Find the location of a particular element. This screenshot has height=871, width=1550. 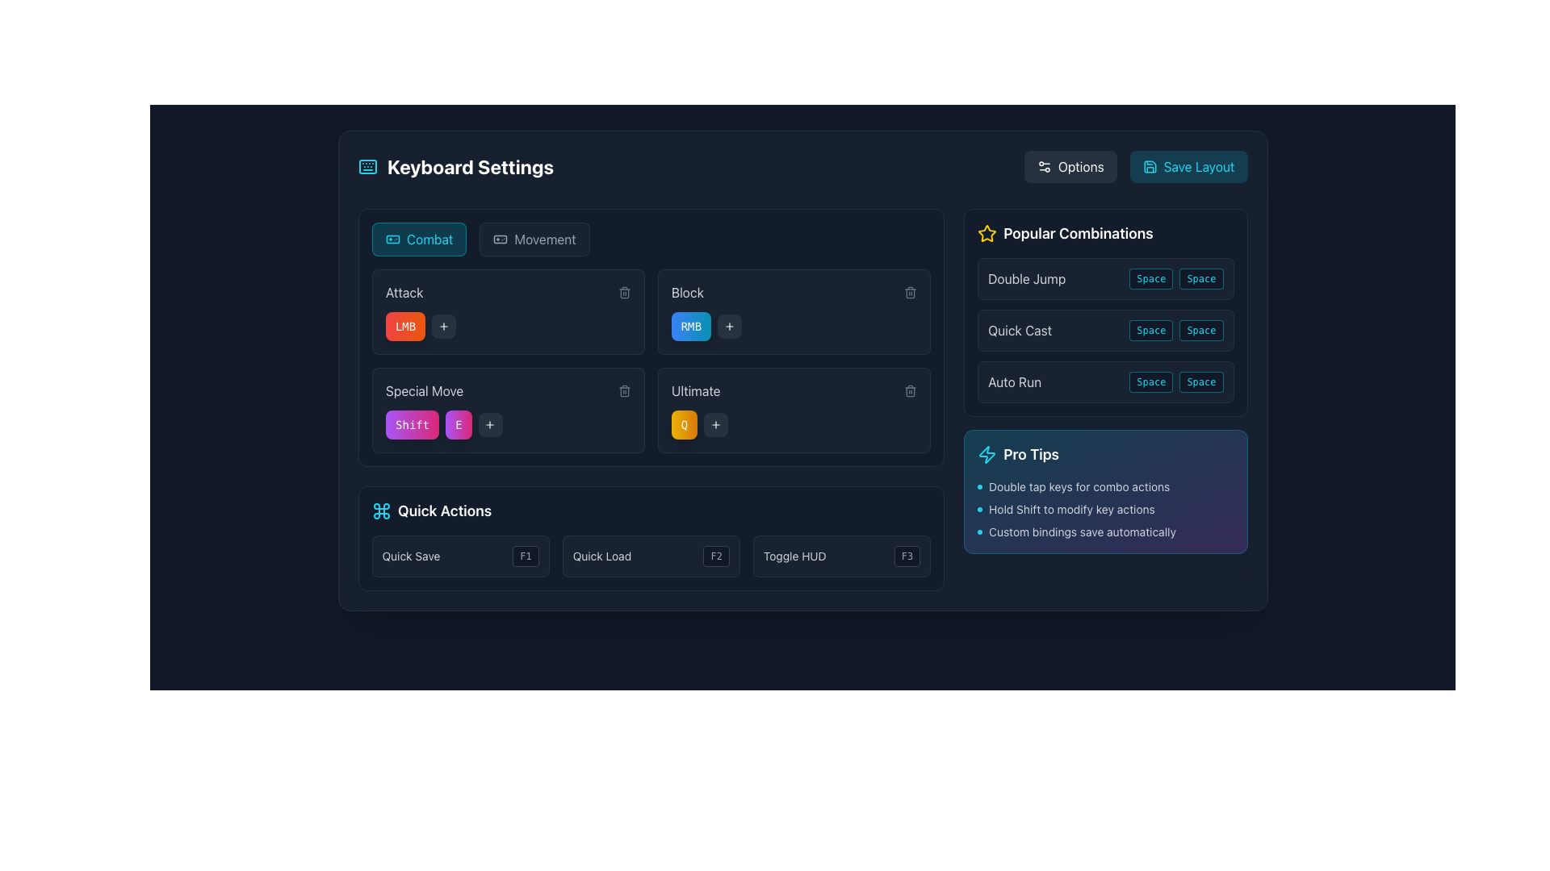

the label indicating the keyboard shortcut for 'Quick Save' (F1) located to the right of the 'Quick Save' text label is located at coordinates (526, 556).